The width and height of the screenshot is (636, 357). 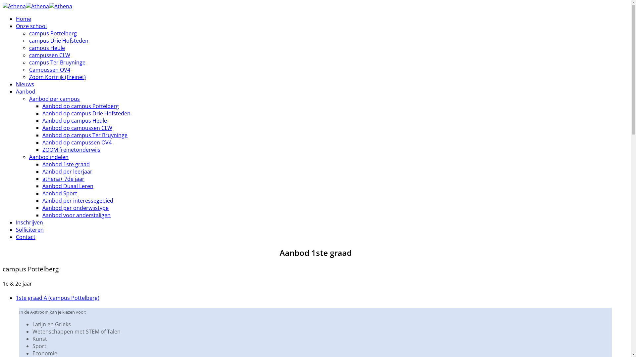 What do you see at coordinates (60, 193) in the screenshot?
I see `'Aanbod Sport'` at bounding box center [60, 193].